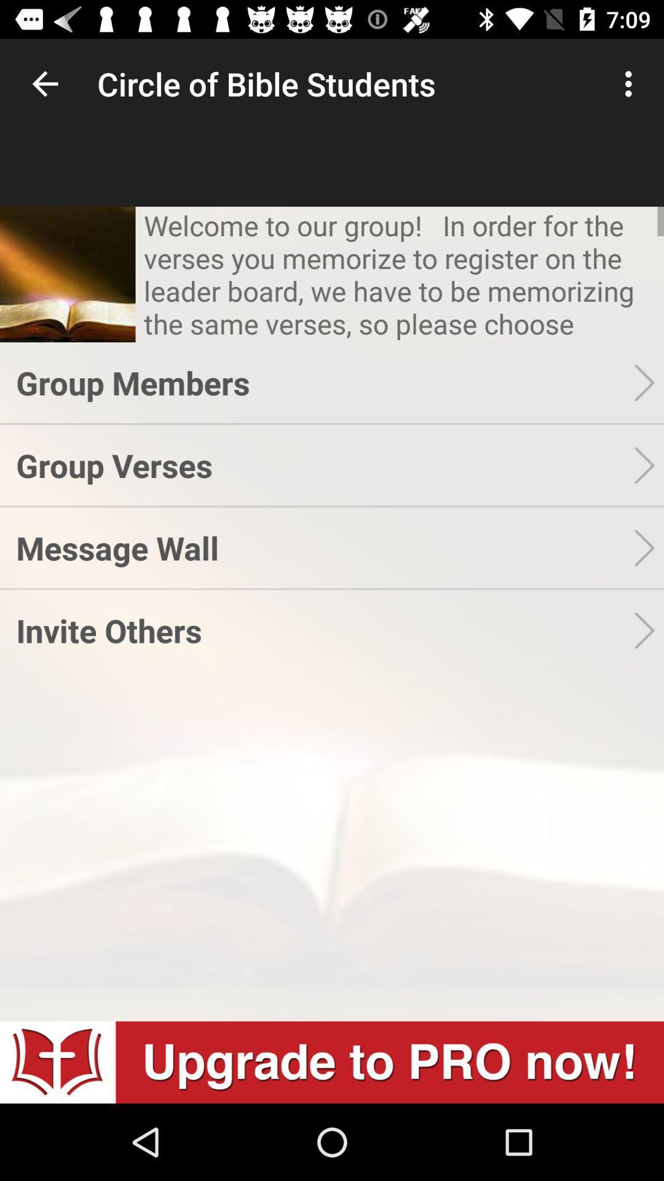 This screenshot has width=664, height=1181. Describe the element at coordinates (324, 630) in the screenshot. I see `the item below message wall item` at that location.